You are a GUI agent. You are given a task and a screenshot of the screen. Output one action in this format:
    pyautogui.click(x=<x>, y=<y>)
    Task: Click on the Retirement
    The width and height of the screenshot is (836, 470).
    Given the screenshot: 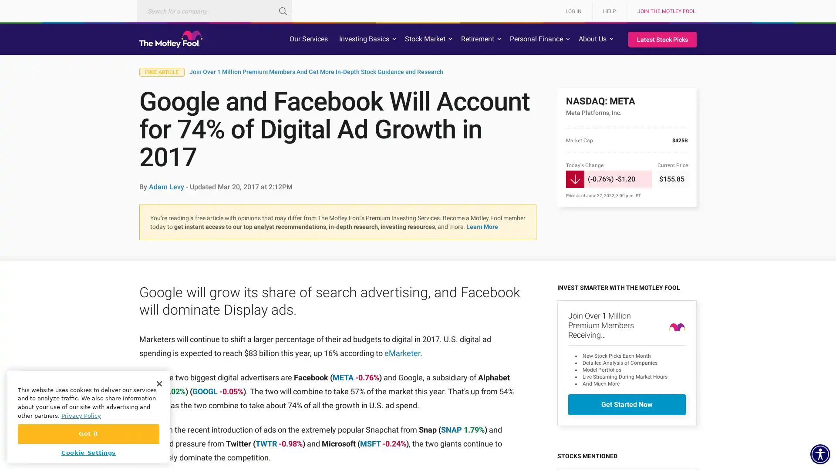 What is the action you would take?
    pyautogui.click(x=477, y=38)
    